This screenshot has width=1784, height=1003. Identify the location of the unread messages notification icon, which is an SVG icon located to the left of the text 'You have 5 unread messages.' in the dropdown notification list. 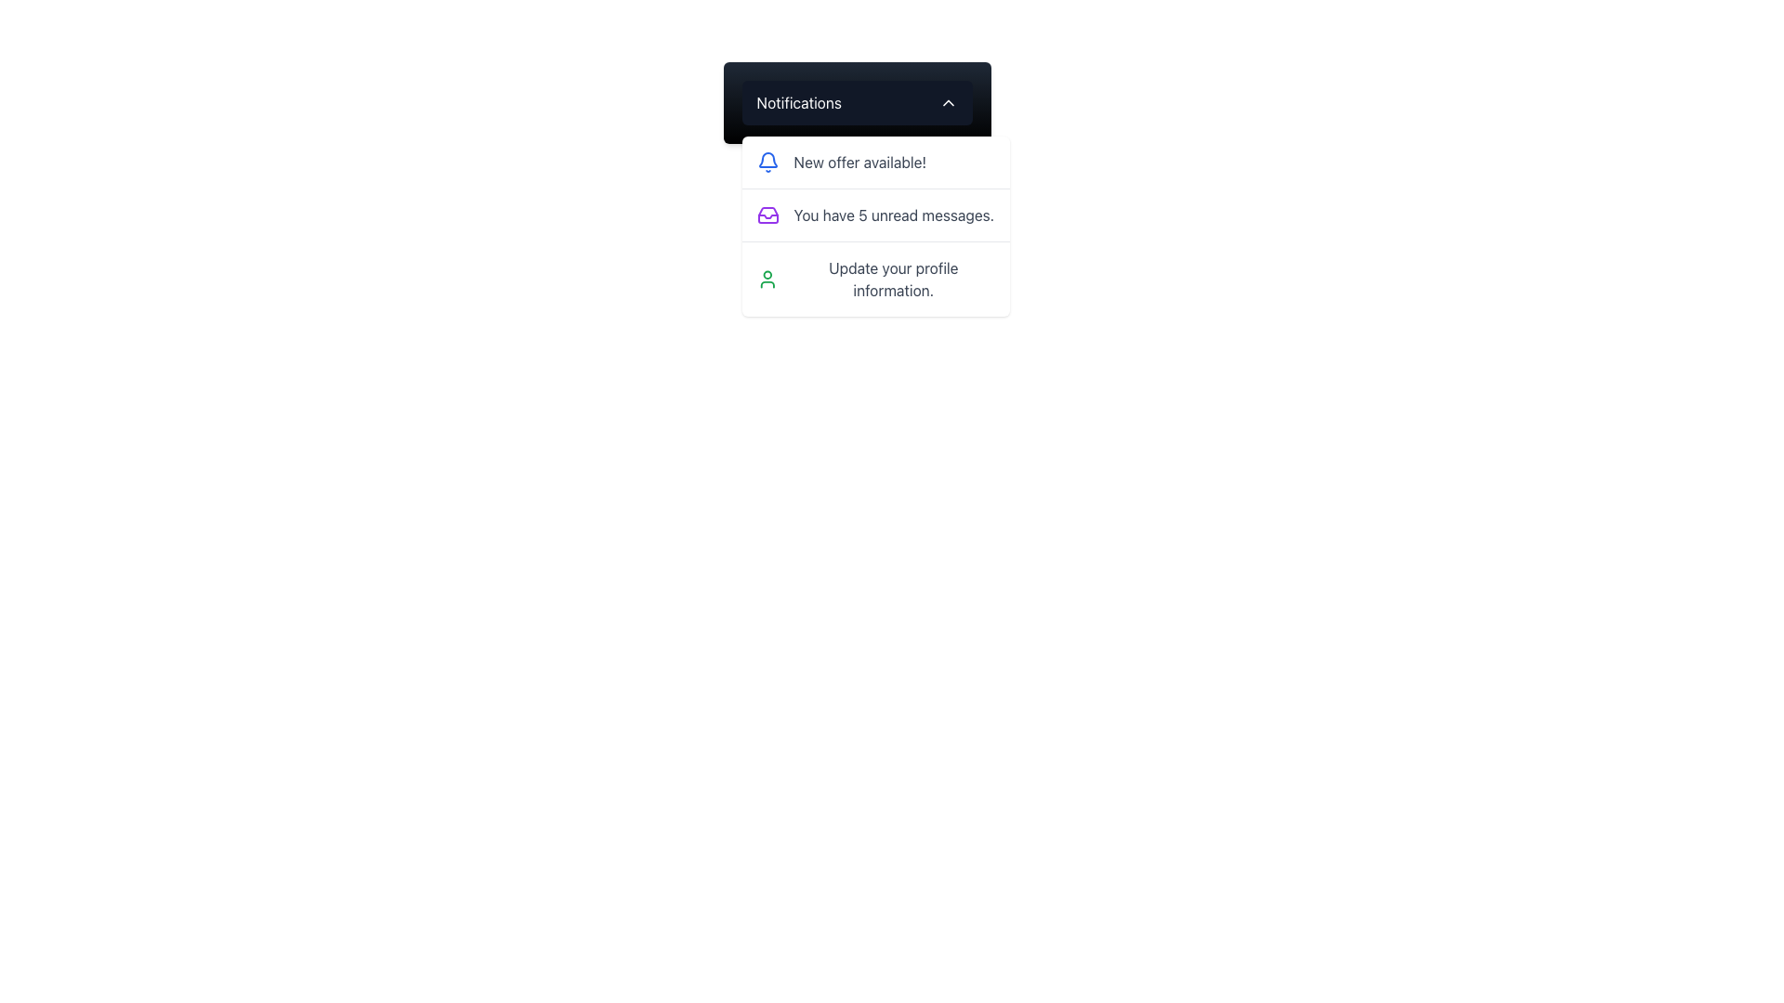
(767, 214).